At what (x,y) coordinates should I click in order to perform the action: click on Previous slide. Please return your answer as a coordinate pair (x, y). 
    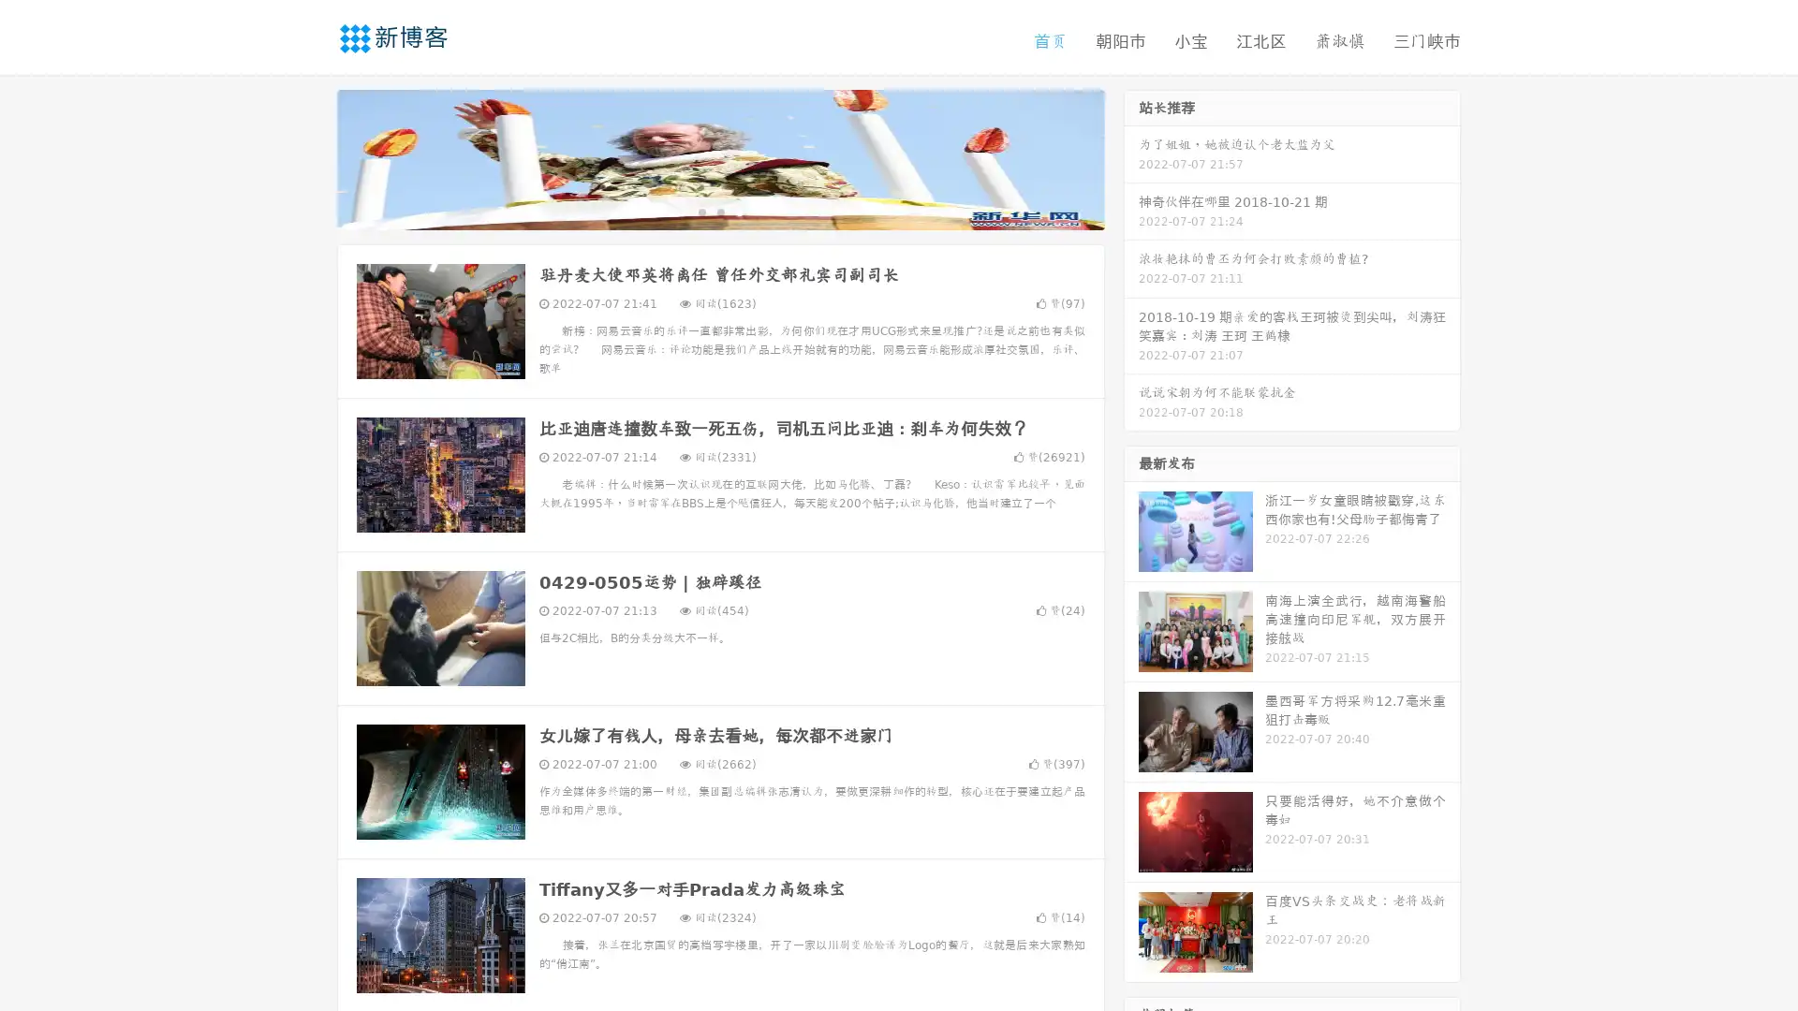
    Looking at the image, I should click on (309, 157).